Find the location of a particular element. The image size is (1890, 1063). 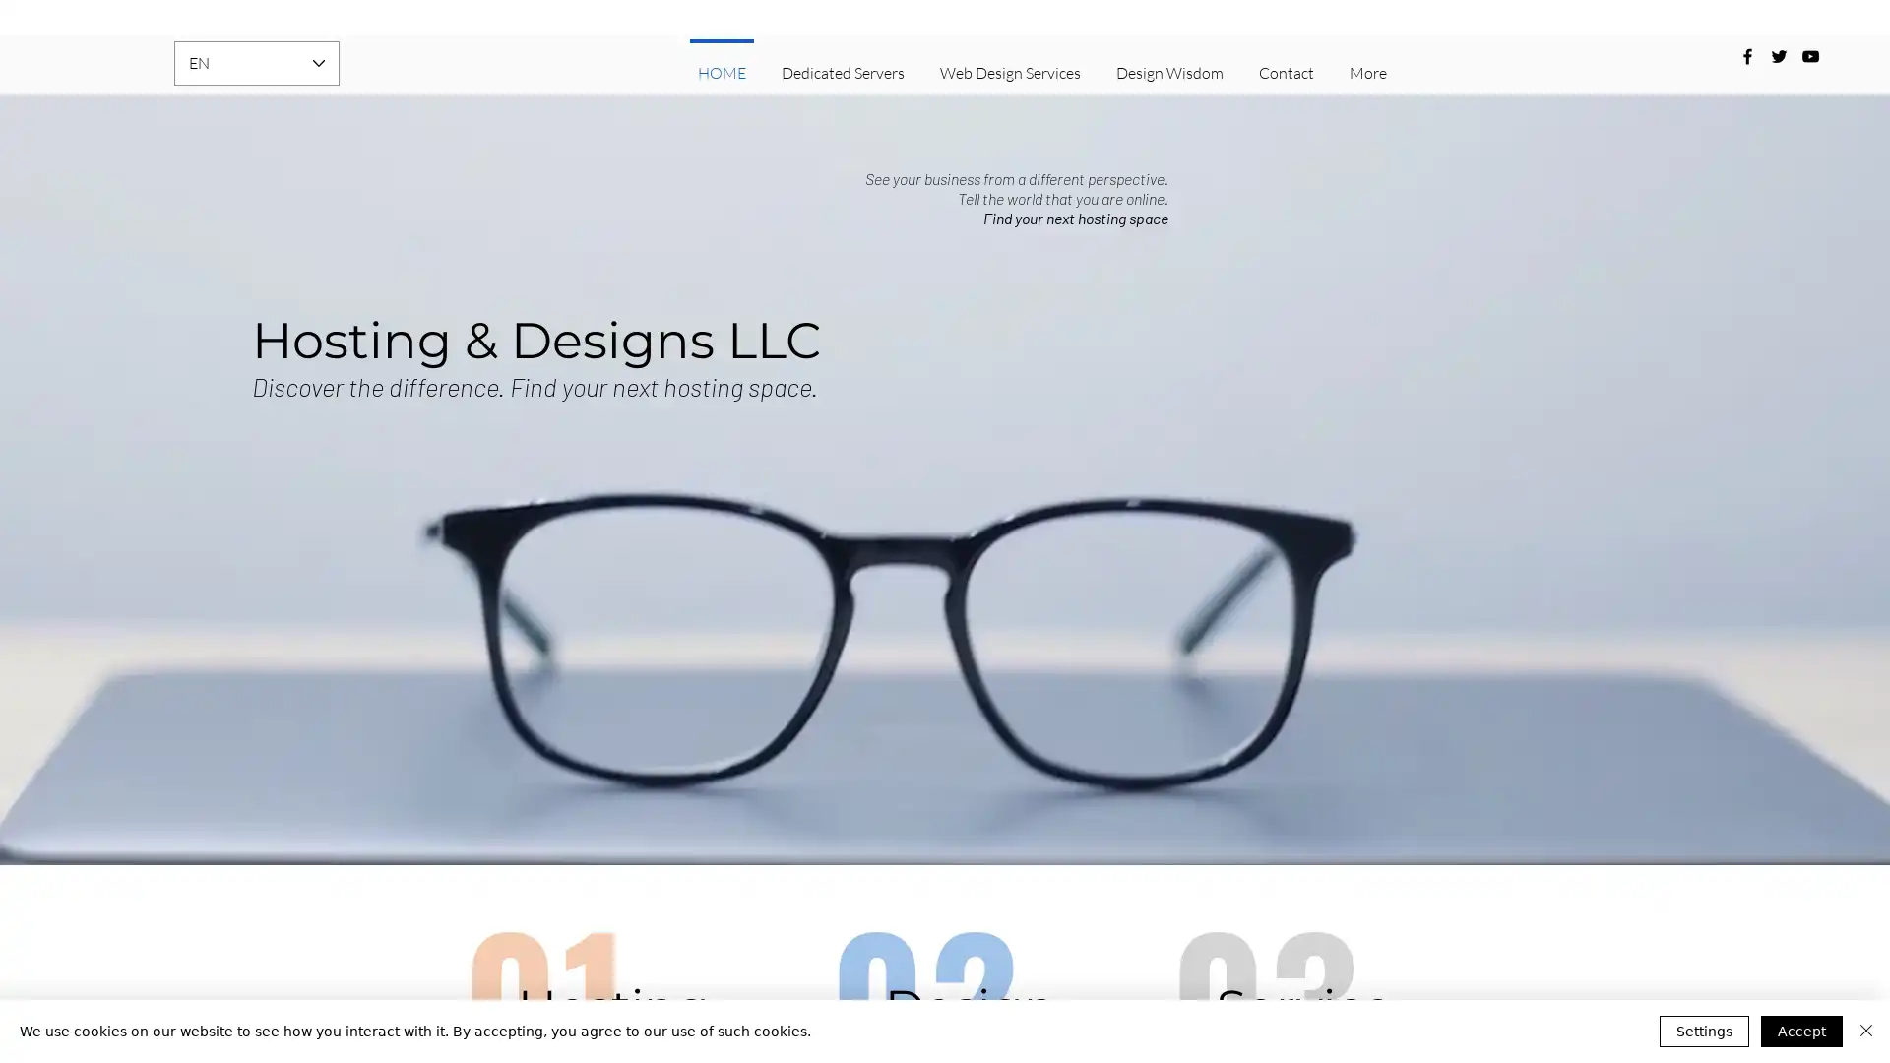

Close is located at coordinates (1865, 1031).